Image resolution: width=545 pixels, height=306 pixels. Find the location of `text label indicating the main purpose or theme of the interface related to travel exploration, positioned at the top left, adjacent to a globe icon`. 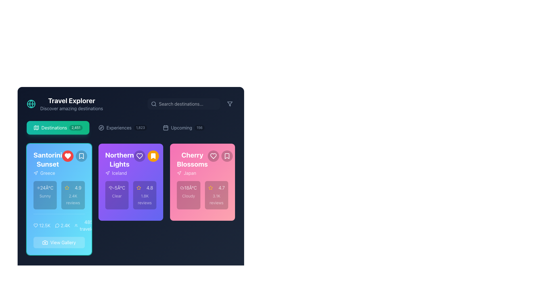

text label indicating the main purpose or theme of the interface related to travel exploration, positioned at the top left, adjacent to a globe icon is located at coordinates (71, 100).